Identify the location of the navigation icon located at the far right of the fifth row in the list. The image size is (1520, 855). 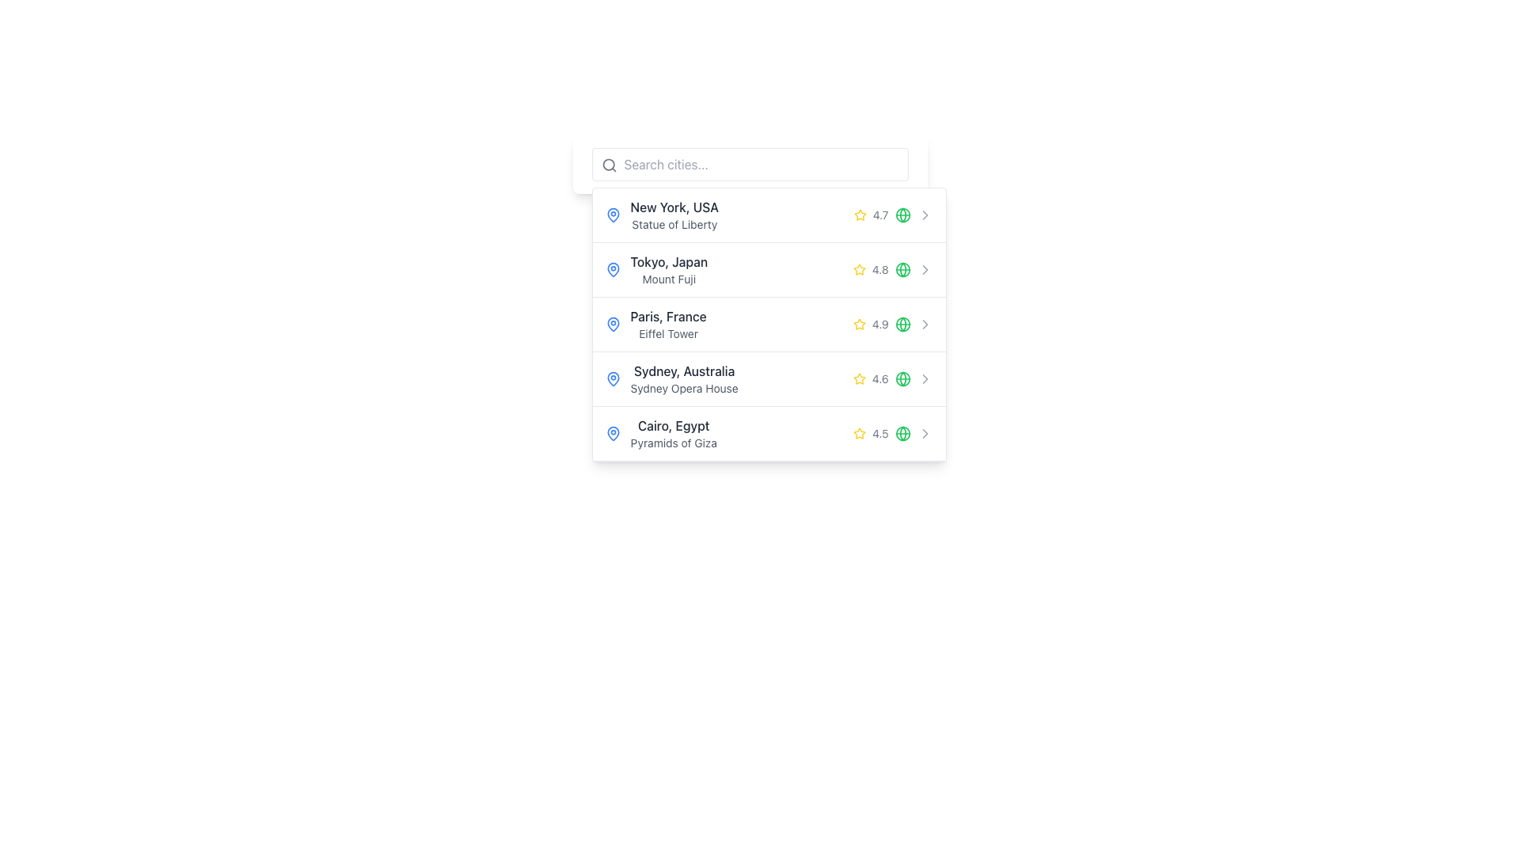
(925, 433).